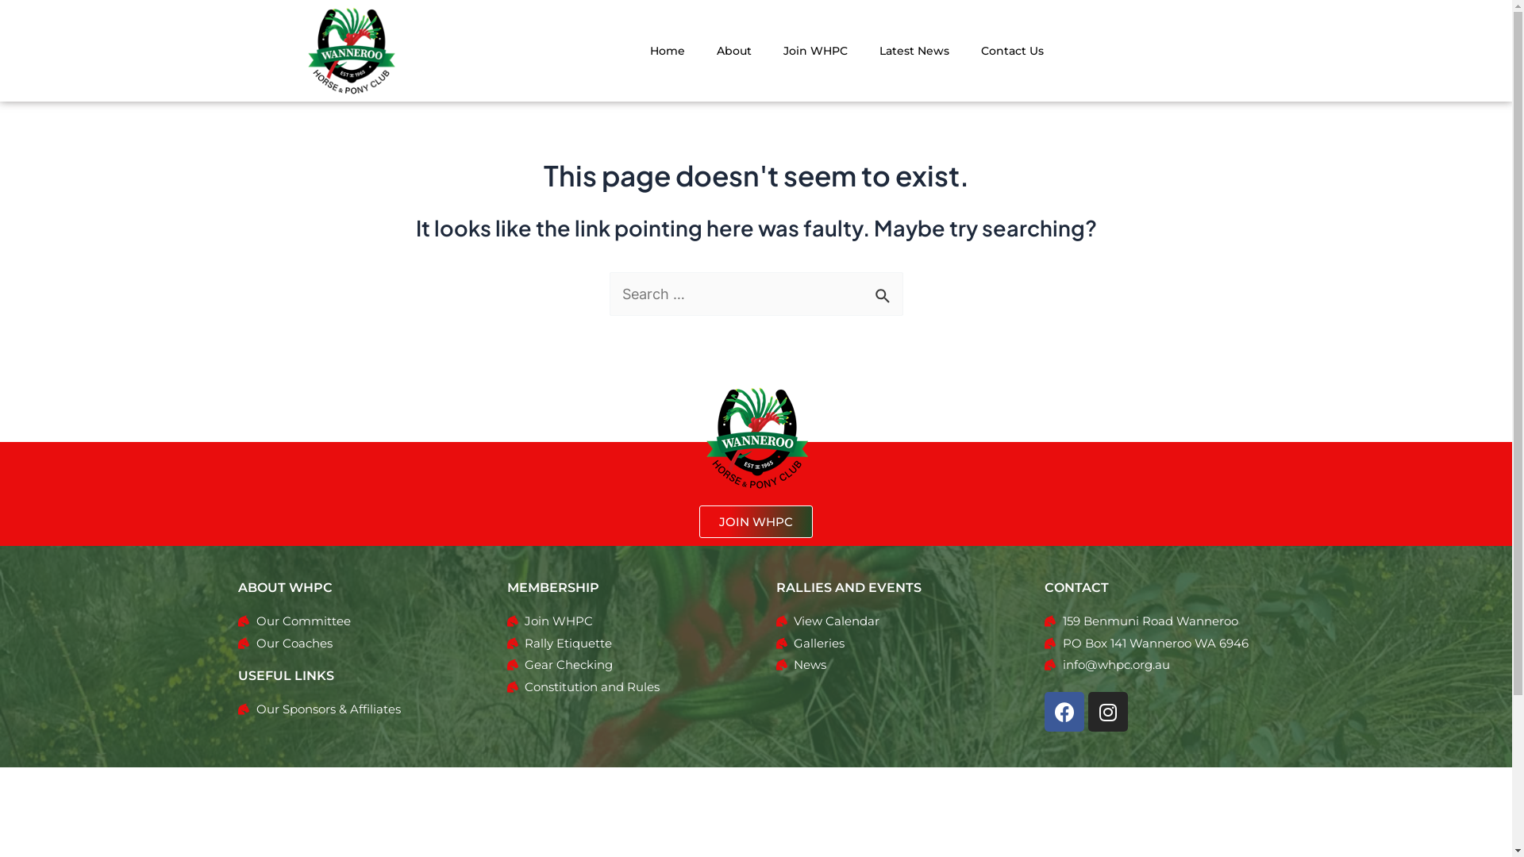 This screenshot has height=857, width=1524. Describe the element at coordinates (1011, 50) in the screenshot. I see `'Contact Us'` at that location.